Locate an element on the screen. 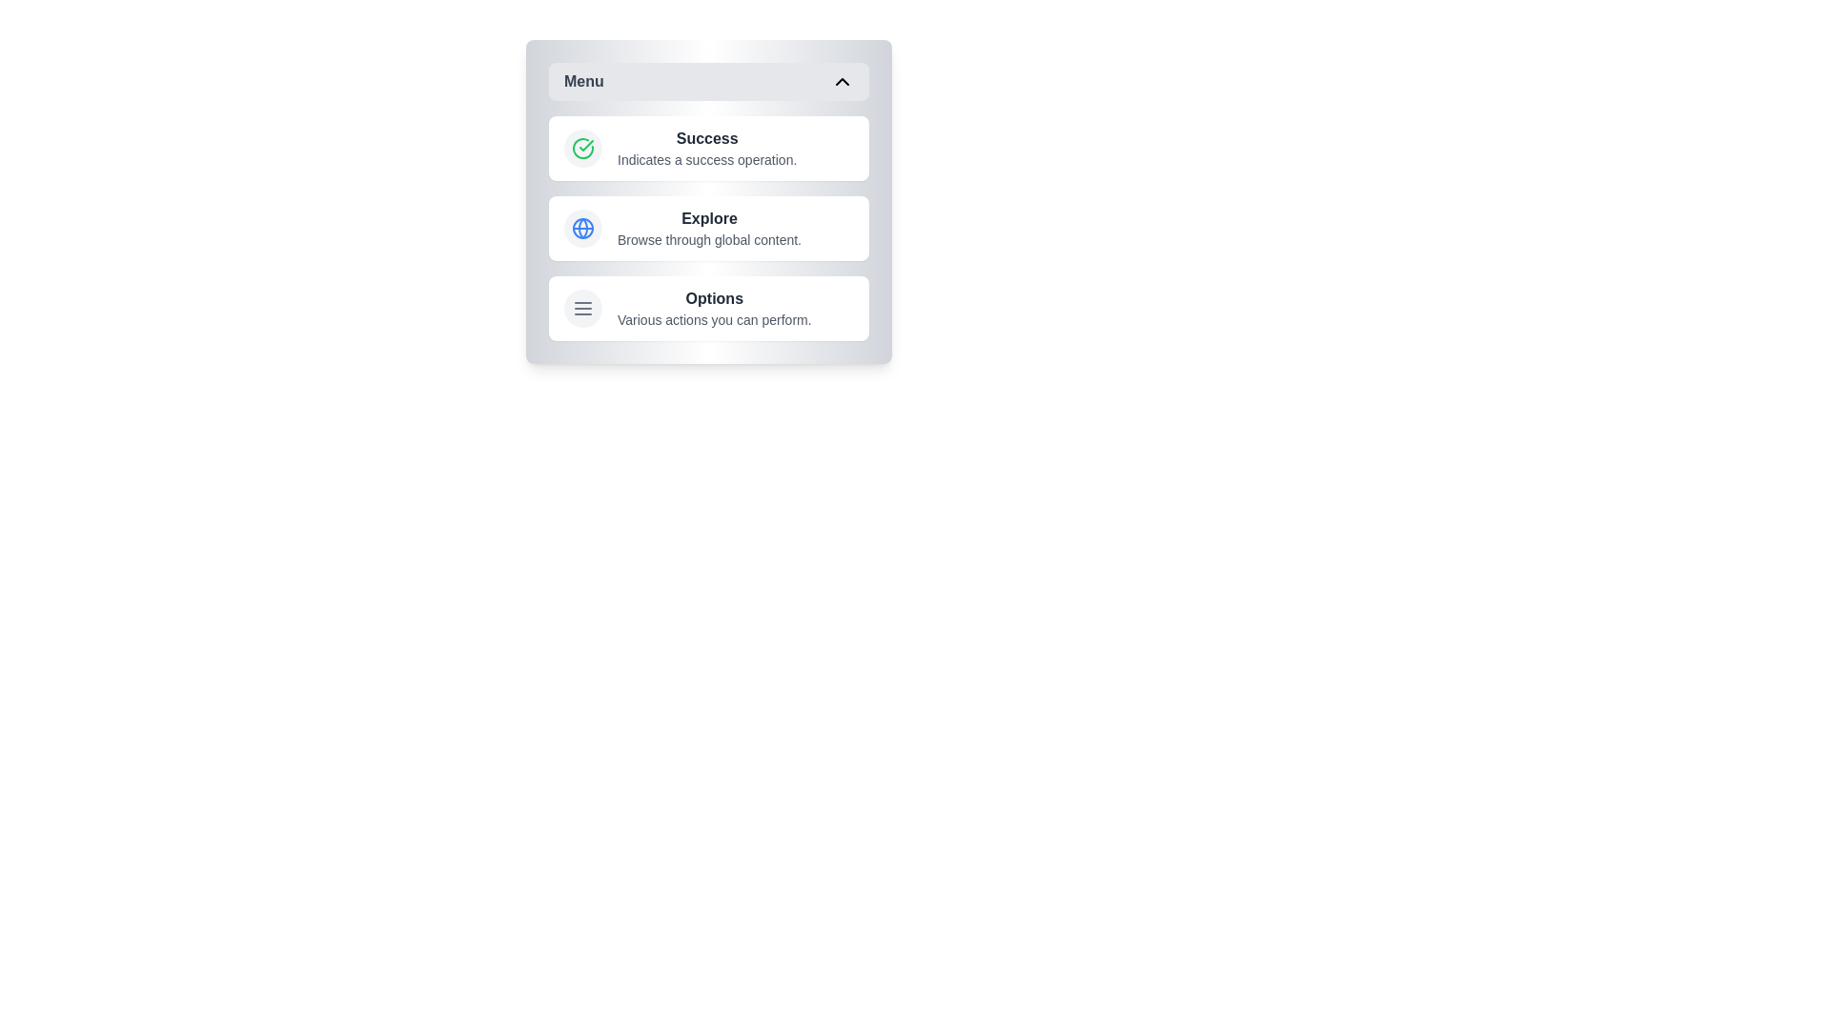  the menu item labeled Explore is located at coordinates (708, 227).